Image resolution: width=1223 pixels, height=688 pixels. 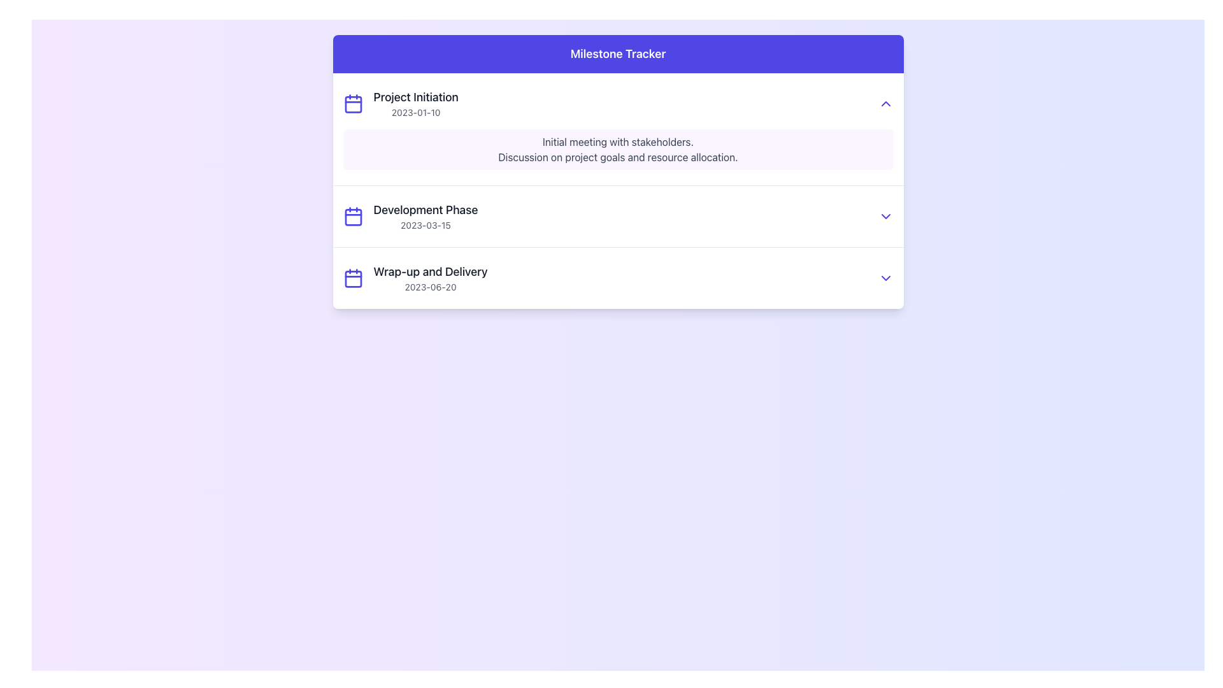 I want to click on displayed content of the third milestone entry in the vertical list of the milestone tracker component, so click(x=618, y=277).